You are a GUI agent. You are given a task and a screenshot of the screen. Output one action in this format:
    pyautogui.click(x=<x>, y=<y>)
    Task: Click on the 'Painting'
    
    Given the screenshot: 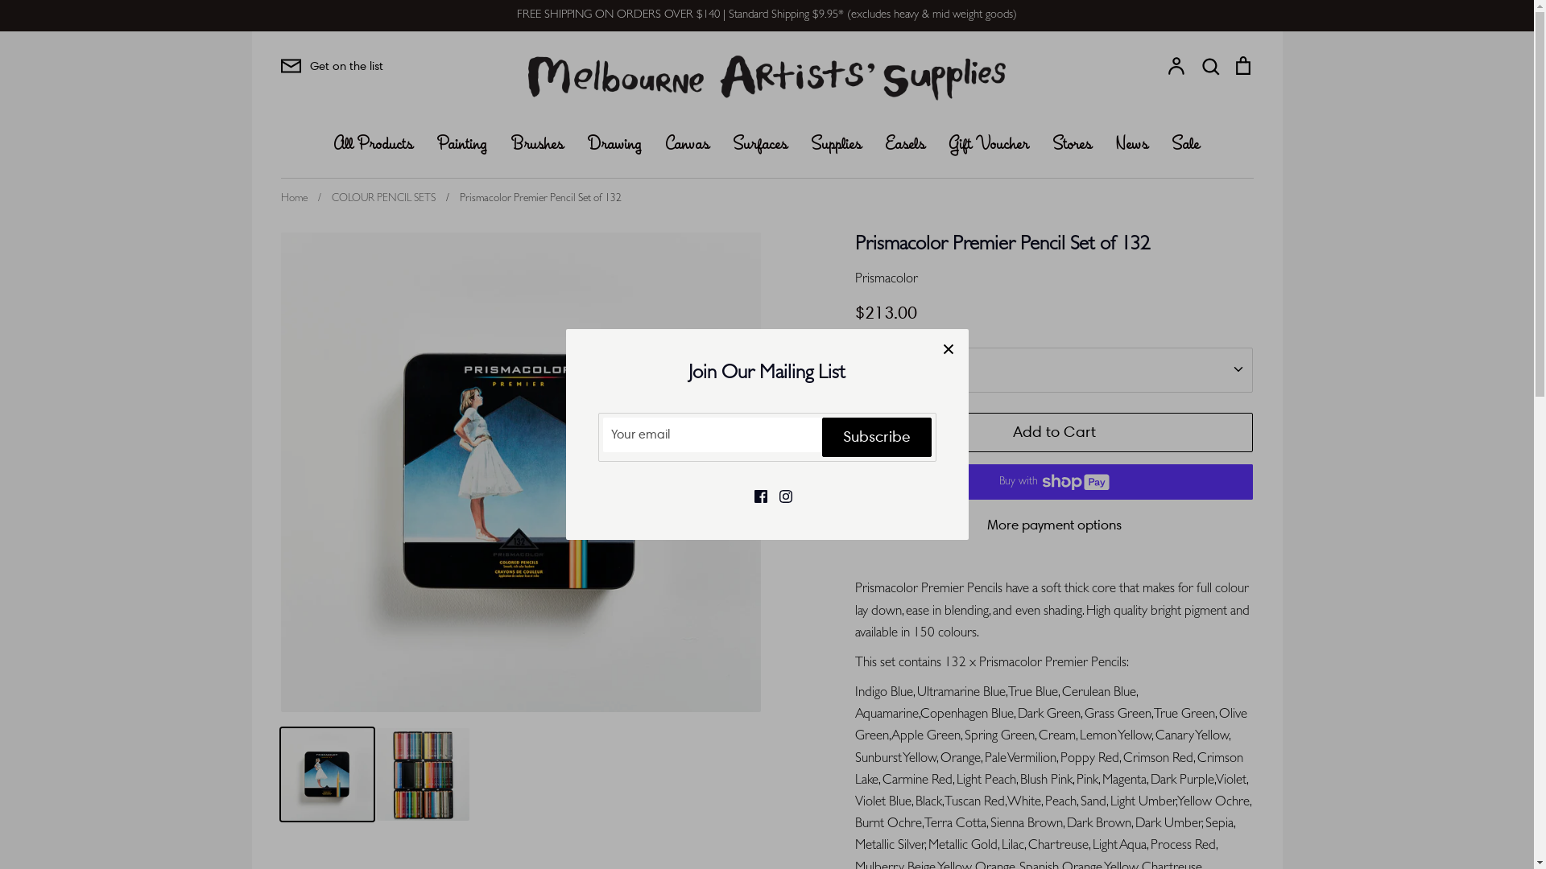 What is the action you would take?
    pyautogui.click(x=436, y=145)
    